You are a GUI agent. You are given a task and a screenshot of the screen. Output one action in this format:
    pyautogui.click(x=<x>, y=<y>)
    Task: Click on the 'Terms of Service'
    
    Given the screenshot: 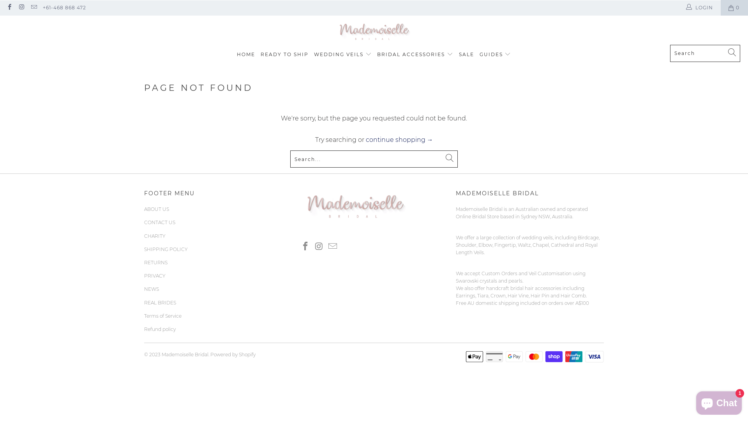 What is the action you would take?
    pyautogui.click(x=162, y=316)
    